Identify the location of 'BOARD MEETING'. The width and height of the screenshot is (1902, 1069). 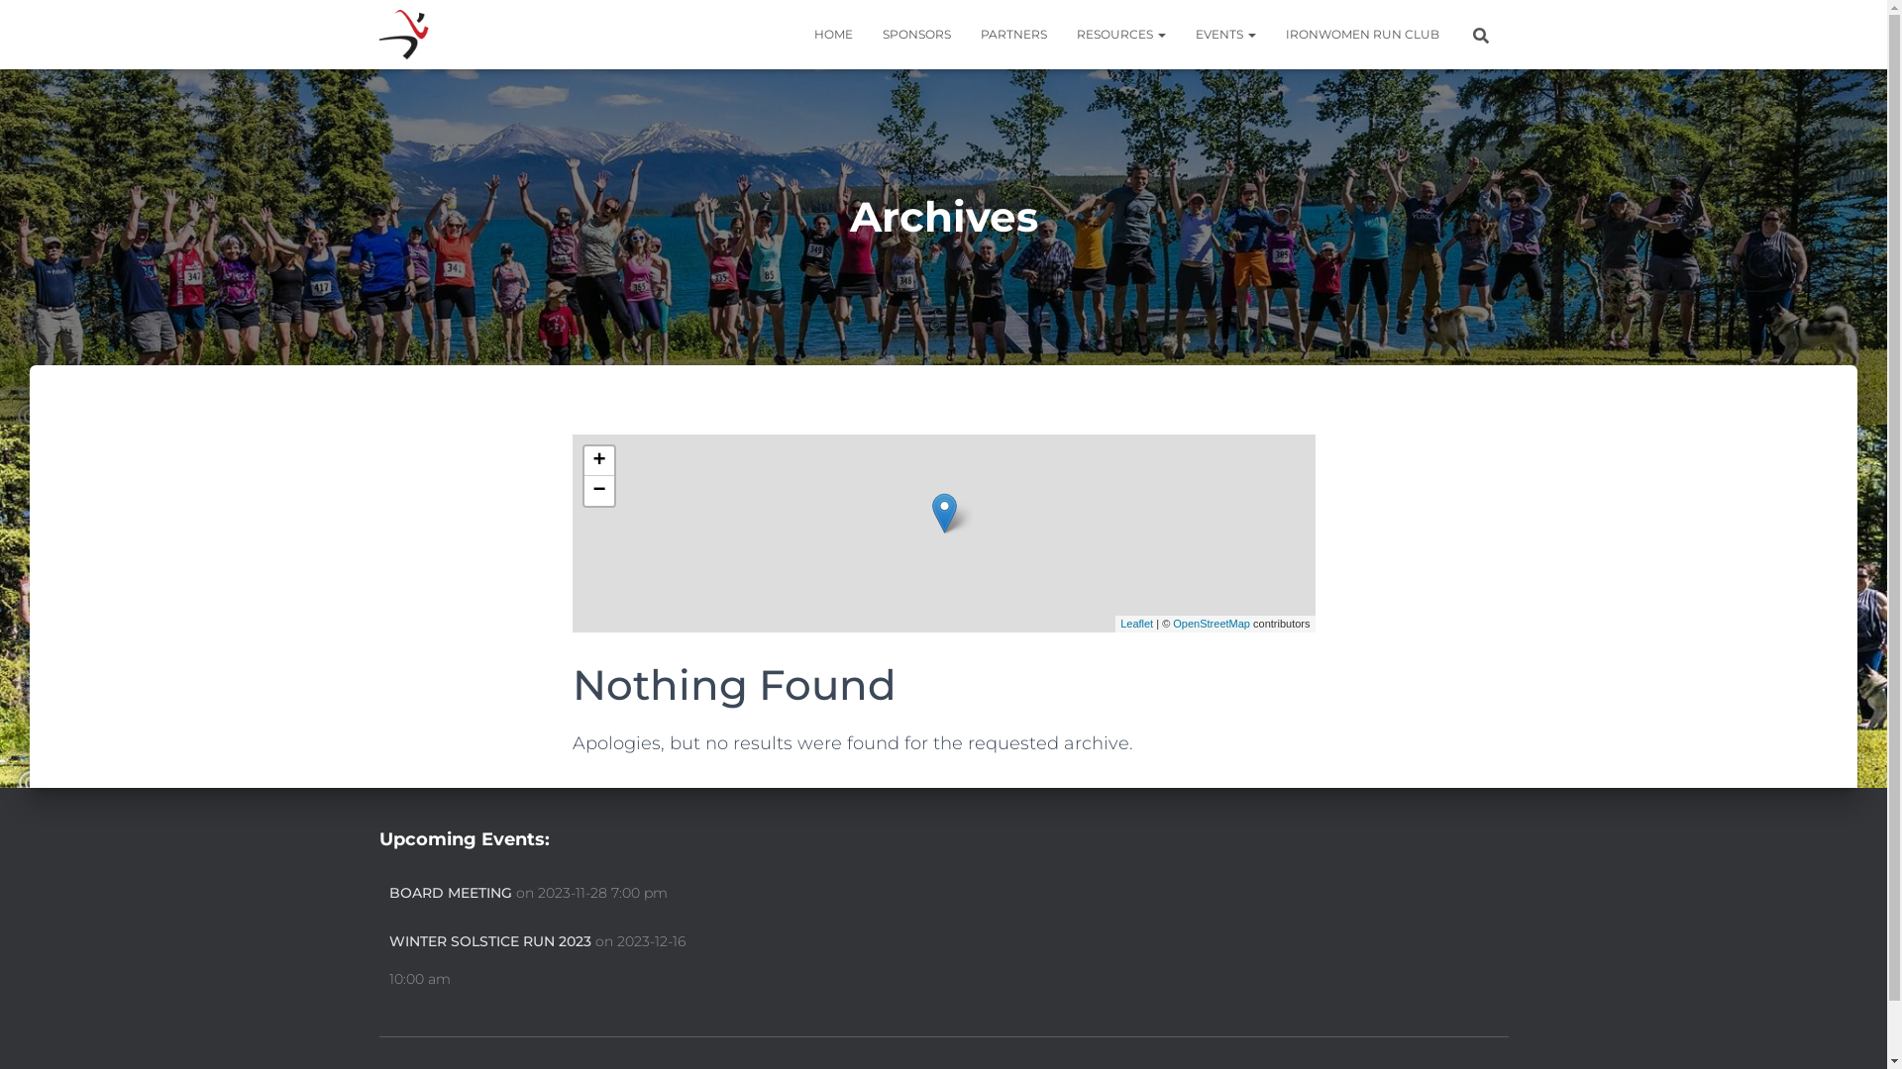
(449, 893).